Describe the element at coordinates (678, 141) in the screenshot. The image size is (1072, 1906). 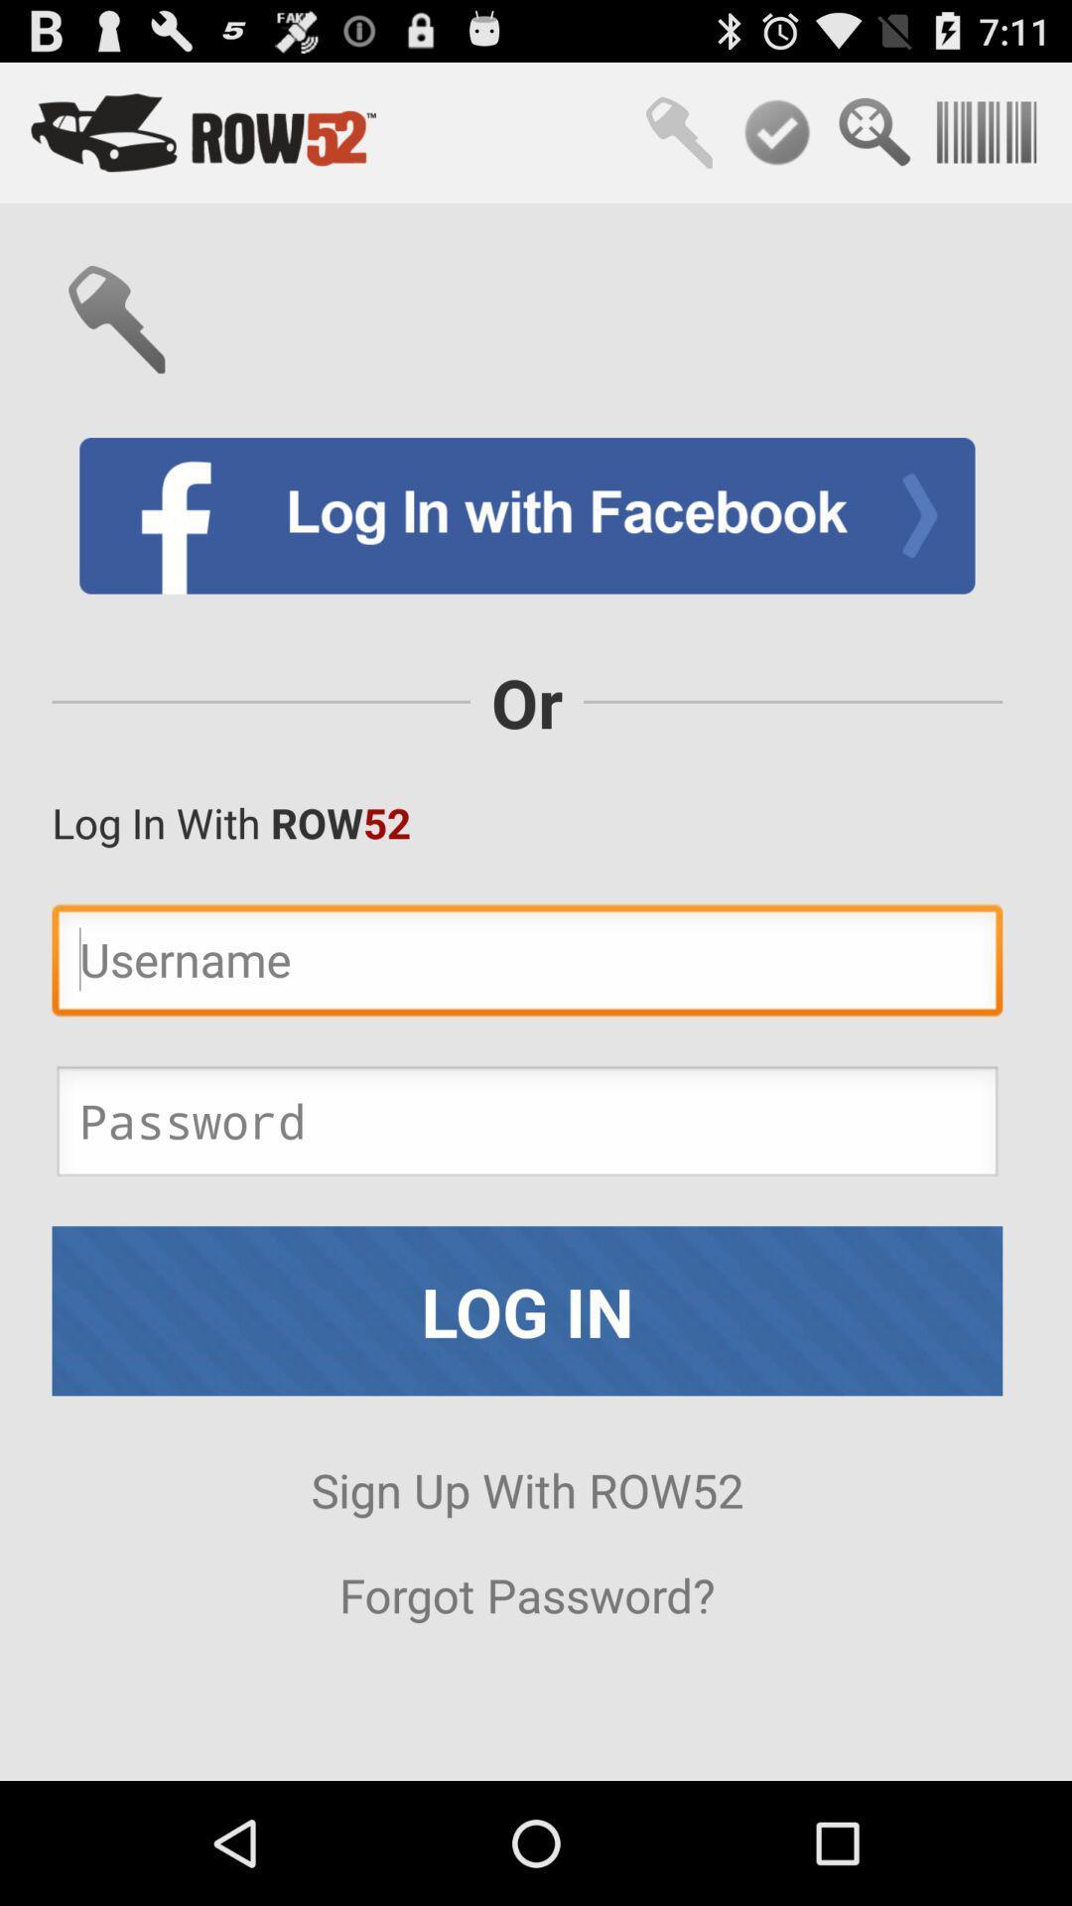
I see `the search icon` at that location.